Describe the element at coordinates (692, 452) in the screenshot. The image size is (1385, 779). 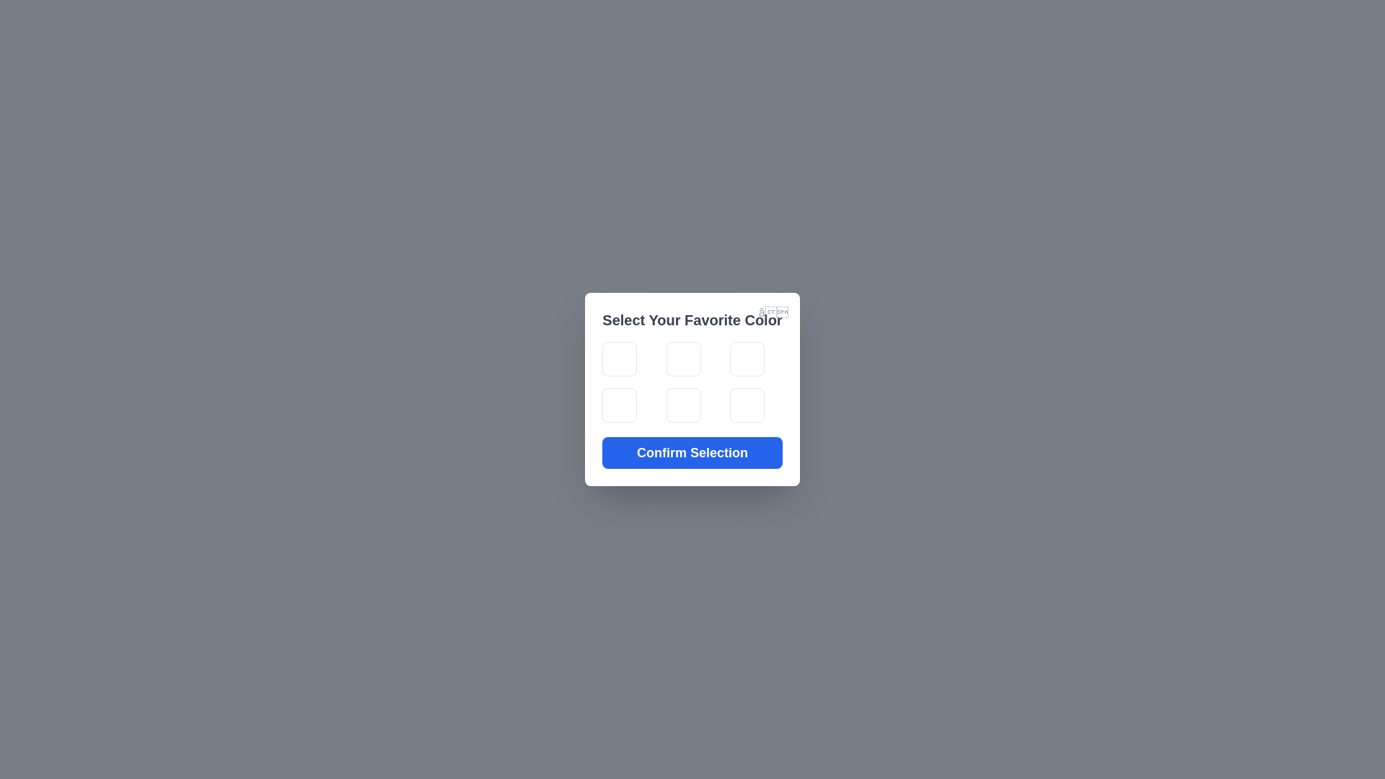
I see `the 'Confirm Selection' button to confirm the selected color` at that location.